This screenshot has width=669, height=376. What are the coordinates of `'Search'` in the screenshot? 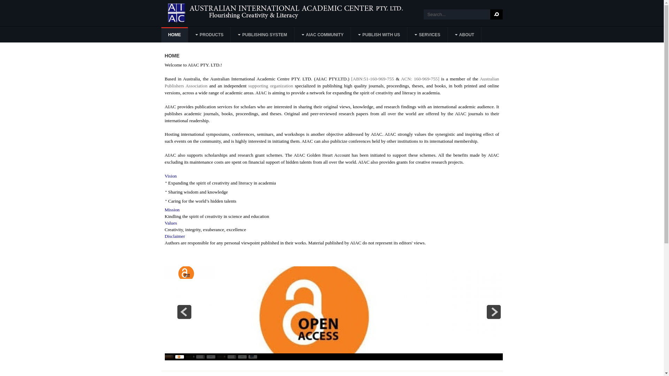 It's located at (496, 14).